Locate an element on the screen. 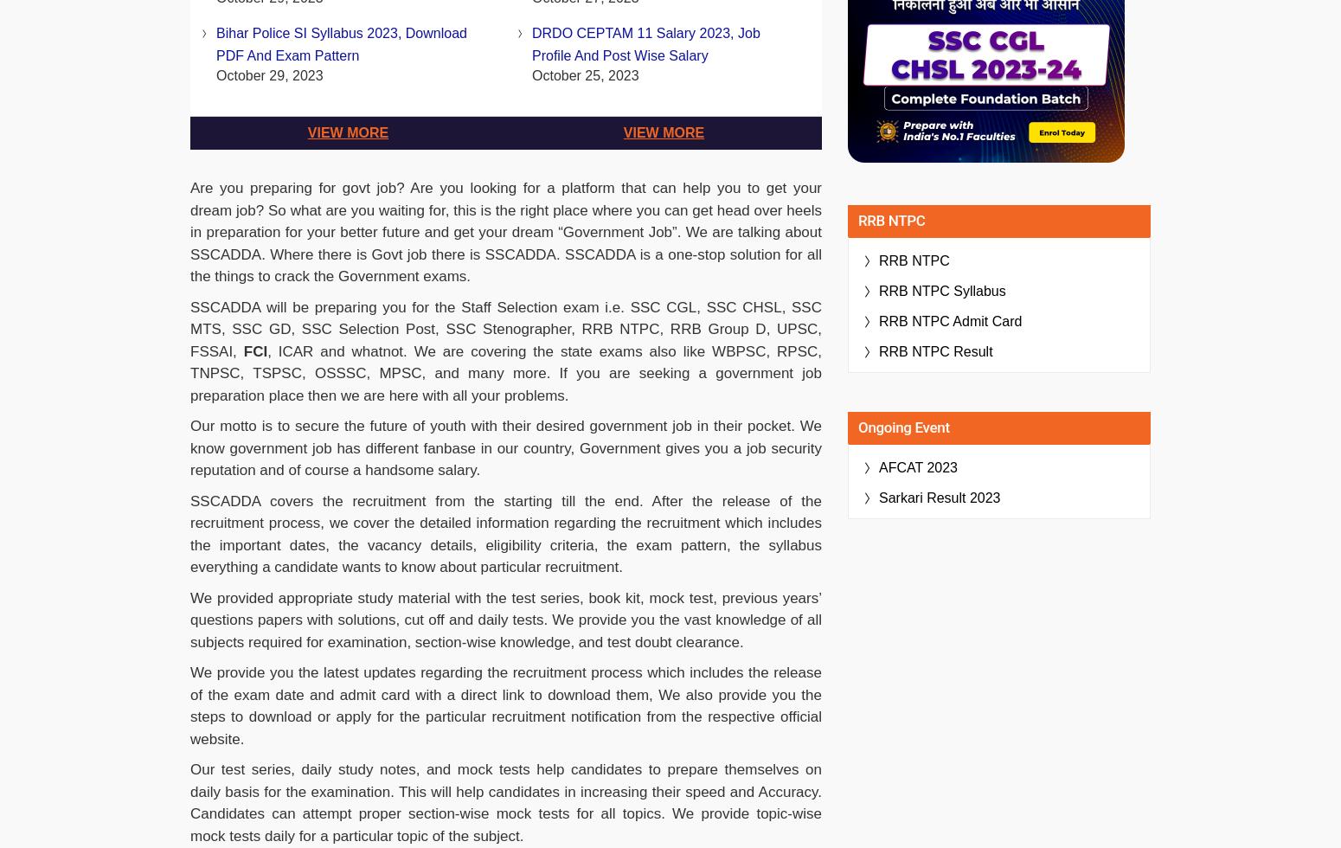  'We provided appropriate study material with the test series, book kit, mock test, previous years’ questions papers with solutions, cut off and daily tests. We provide you the vast knowledge of all subjects required for examination, section-wise knowledge, and test doubt clearance.' is located at coordinates (505, 619).